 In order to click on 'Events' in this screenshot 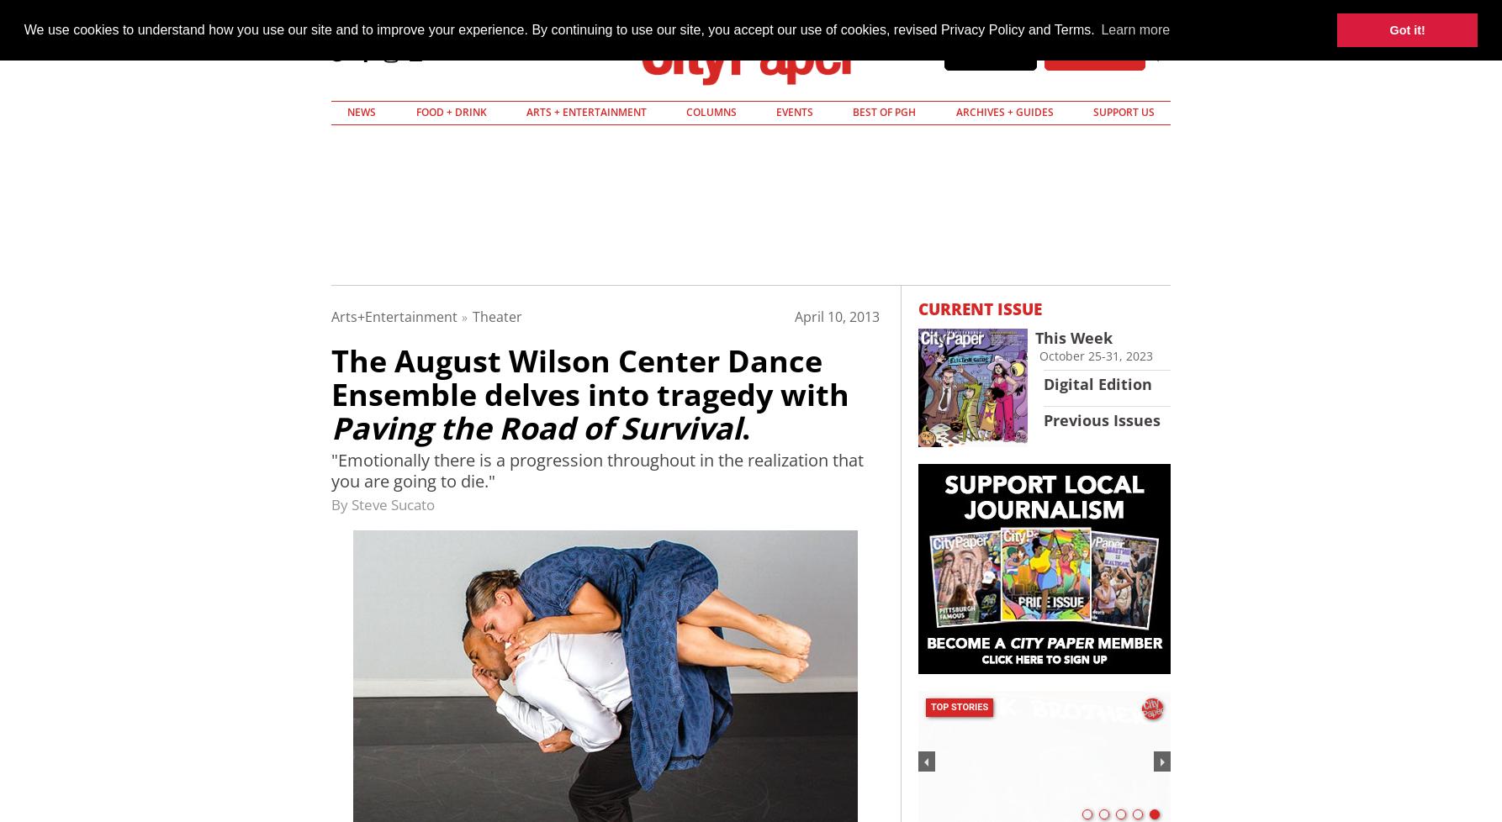, I will do `click(776, 112)`.